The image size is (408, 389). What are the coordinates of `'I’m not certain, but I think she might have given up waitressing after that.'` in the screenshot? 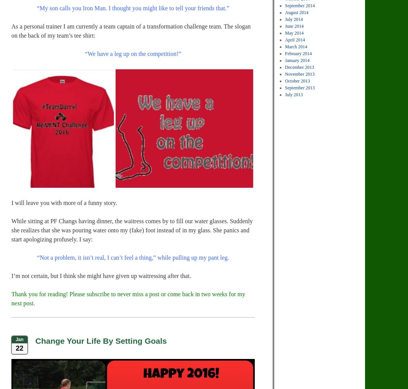 It's located at (100, 276).